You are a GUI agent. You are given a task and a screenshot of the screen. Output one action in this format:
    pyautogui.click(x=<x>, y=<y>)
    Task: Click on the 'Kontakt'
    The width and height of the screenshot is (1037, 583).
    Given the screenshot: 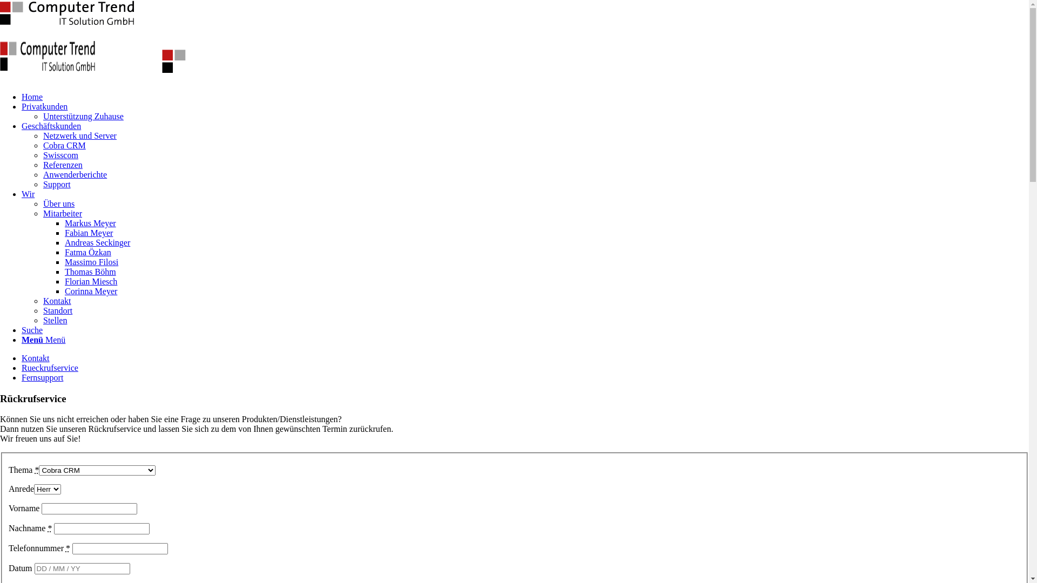 What is the action you would take?
    pyautogui.click(x=56, y=301)
    